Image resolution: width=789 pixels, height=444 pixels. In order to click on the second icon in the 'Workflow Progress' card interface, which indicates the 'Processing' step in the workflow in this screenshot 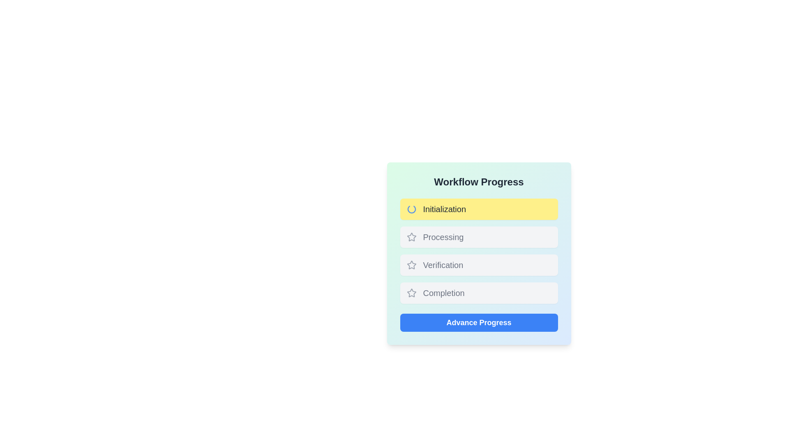, I will do `click(411, 237)`.